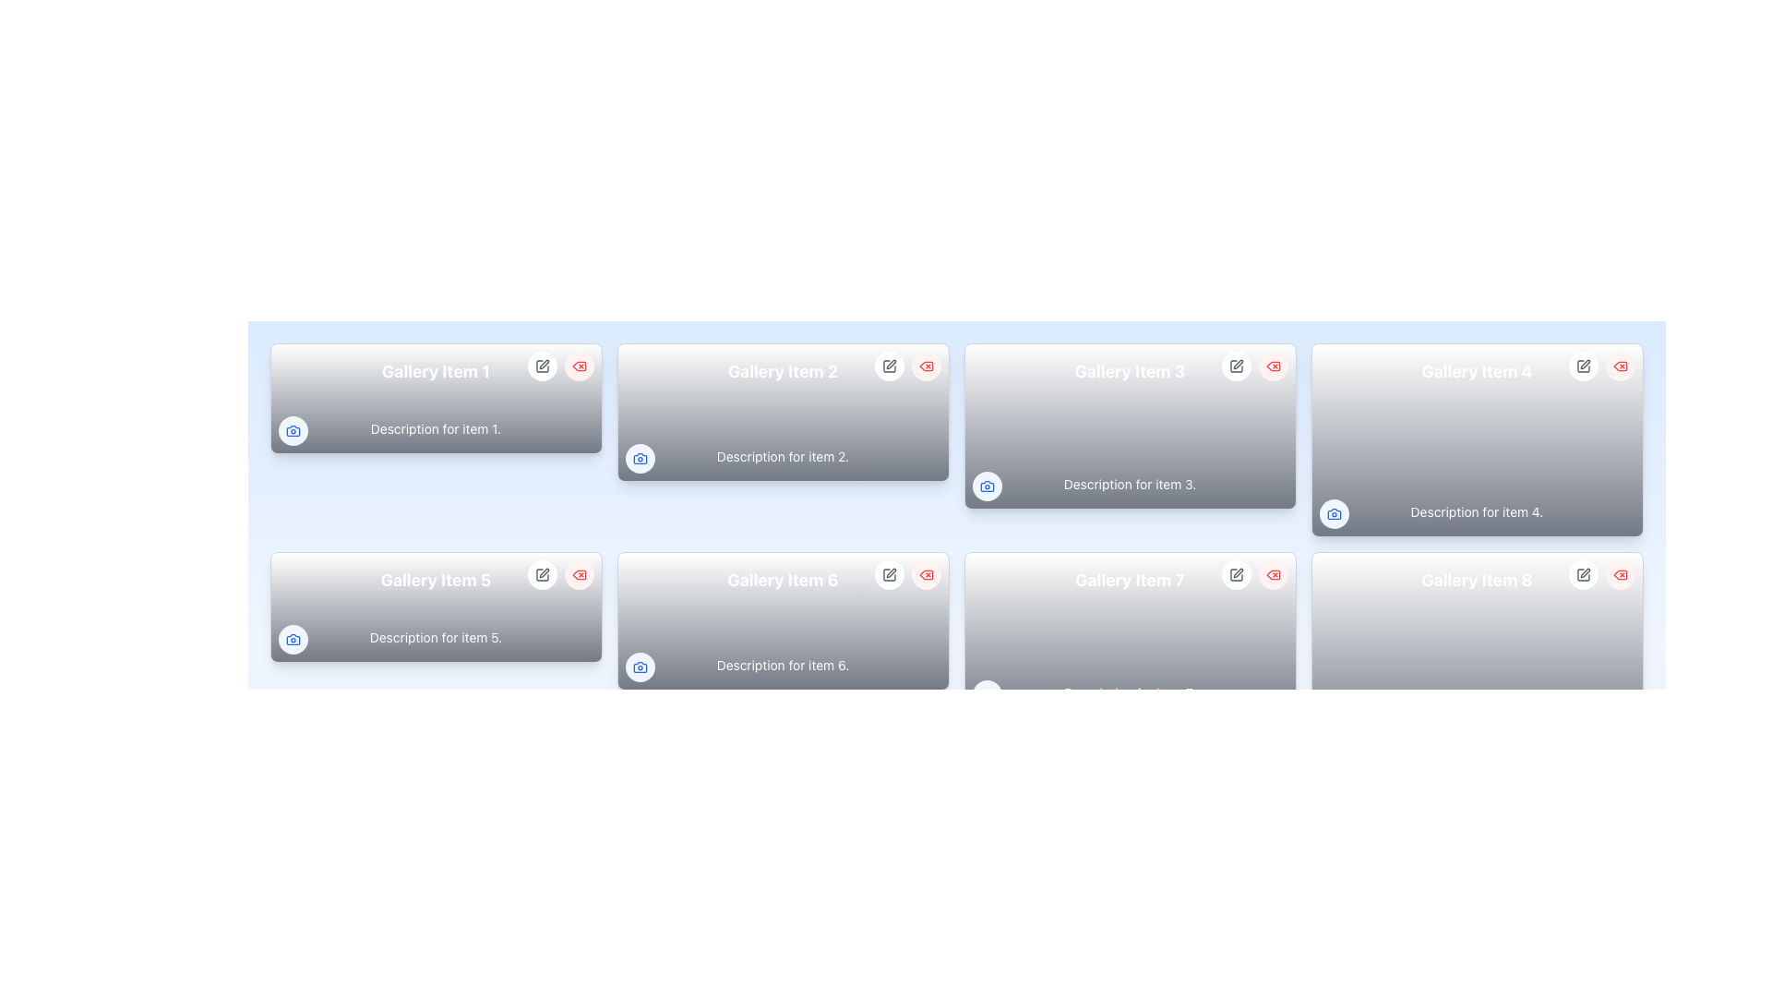 Image resolution: width=1772 pixels, height=997 pixels. What do you see at coordinates (926, 574) in the screenshot?
I see `the circular delete button with a light red background and a trash can icon located in the top-right corner of the card labeled 'Gallery Item 6'` at bounding box center [926, 574].